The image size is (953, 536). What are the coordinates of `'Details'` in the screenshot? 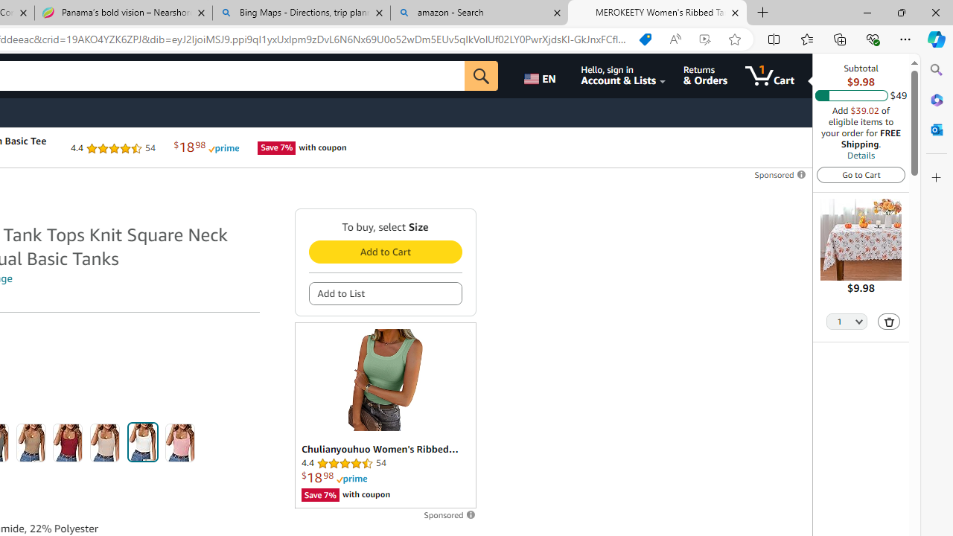 It's located at (861, 155).